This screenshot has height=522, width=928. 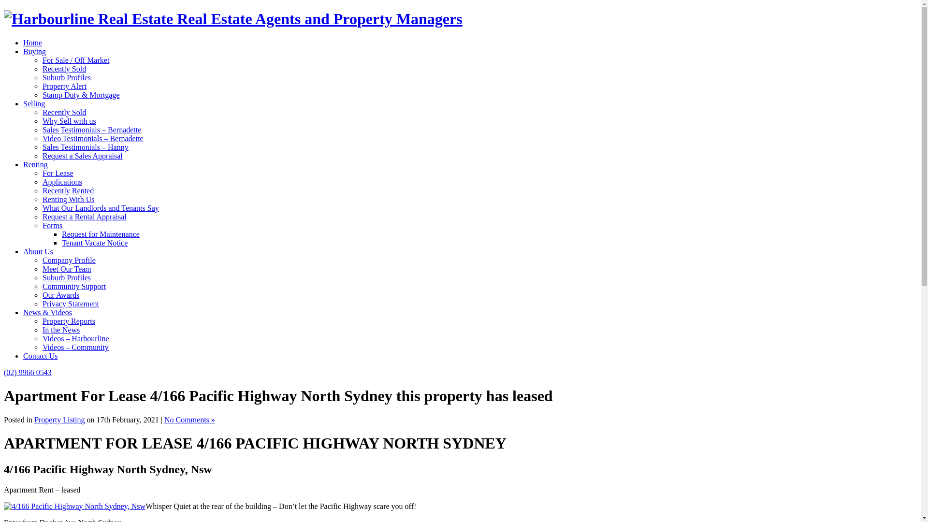 What do you see at coordinates (34, 51) in the screenshot?
I see `'Buying'` at bounding box center [34, 51].